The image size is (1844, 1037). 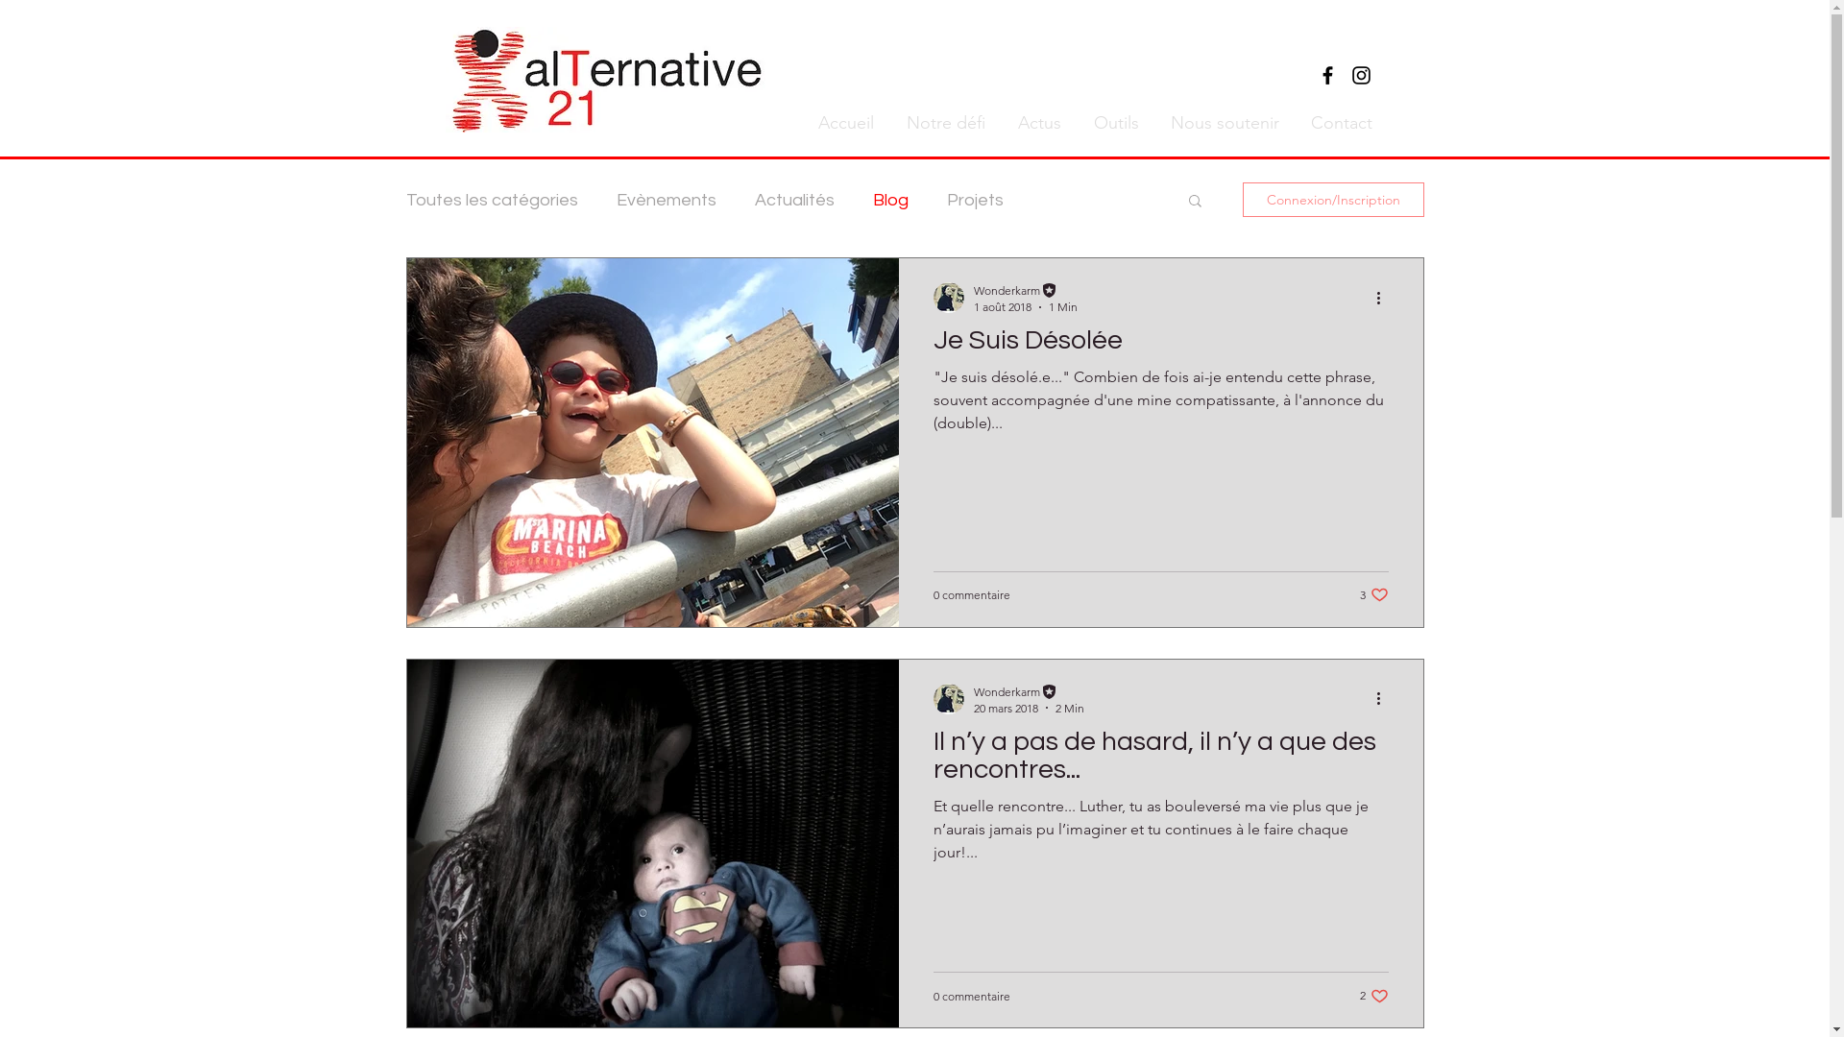 I want to click on 'Projets', so click(x=975, y=199).